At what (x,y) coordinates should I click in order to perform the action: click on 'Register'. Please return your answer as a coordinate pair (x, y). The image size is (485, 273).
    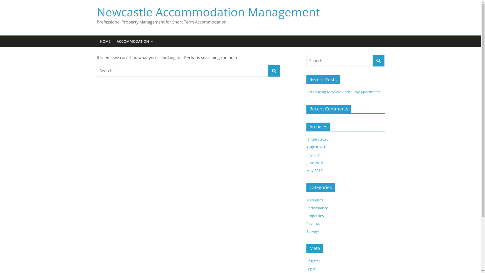
    Looking at the image, I should click on (313, 261).